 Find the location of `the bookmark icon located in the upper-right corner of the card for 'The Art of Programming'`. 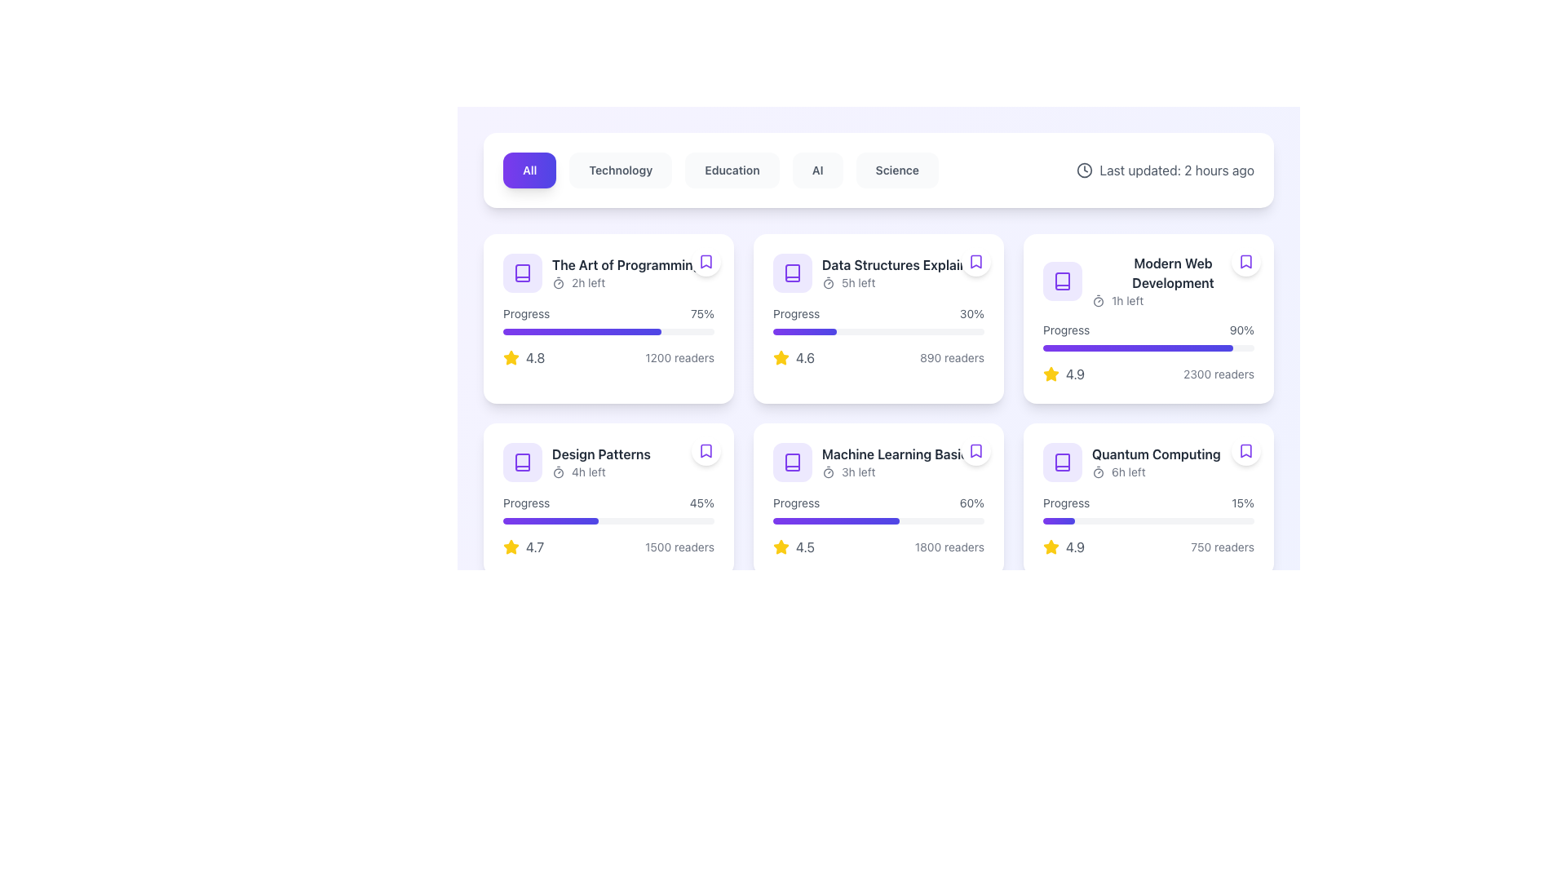

the bookmark icon located in the upper-right corner of the card for 'The Art of Programming' is located at coordinates (706, 260).